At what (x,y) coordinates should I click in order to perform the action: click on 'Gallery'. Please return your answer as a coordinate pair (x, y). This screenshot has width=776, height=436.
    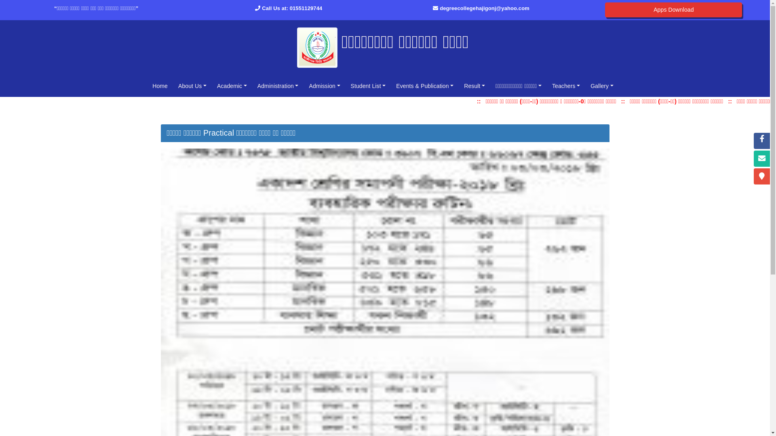
    Looking at the image, I should click on (602, 86).